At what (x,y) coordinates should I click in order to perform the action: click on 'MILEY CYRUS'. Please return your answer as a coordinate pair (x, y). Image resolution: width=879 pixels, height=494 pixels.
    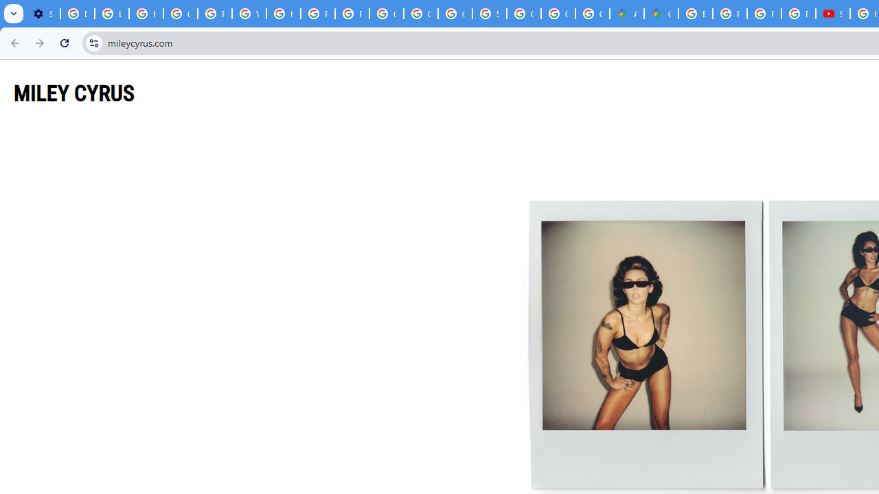
    Looking at the image, I should click on (73, 93).